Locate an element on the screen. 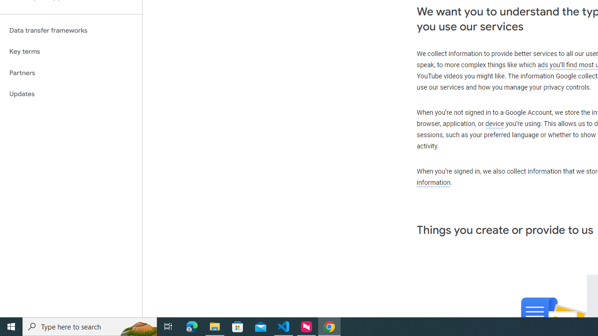 Image resolution: width=598 pixels, height=336 pixels. 'Task View' is located at coordinates (168, 326).